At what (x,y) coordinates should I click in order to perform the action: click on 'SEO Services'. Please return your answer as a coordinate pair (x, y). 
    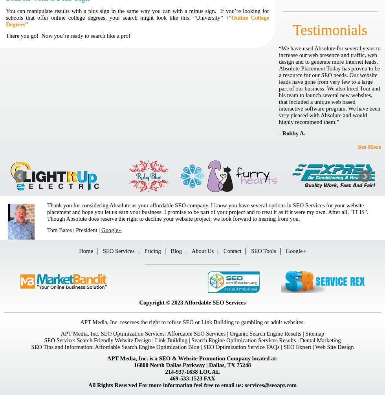
    Looking at the image, I should click on (118, 251).